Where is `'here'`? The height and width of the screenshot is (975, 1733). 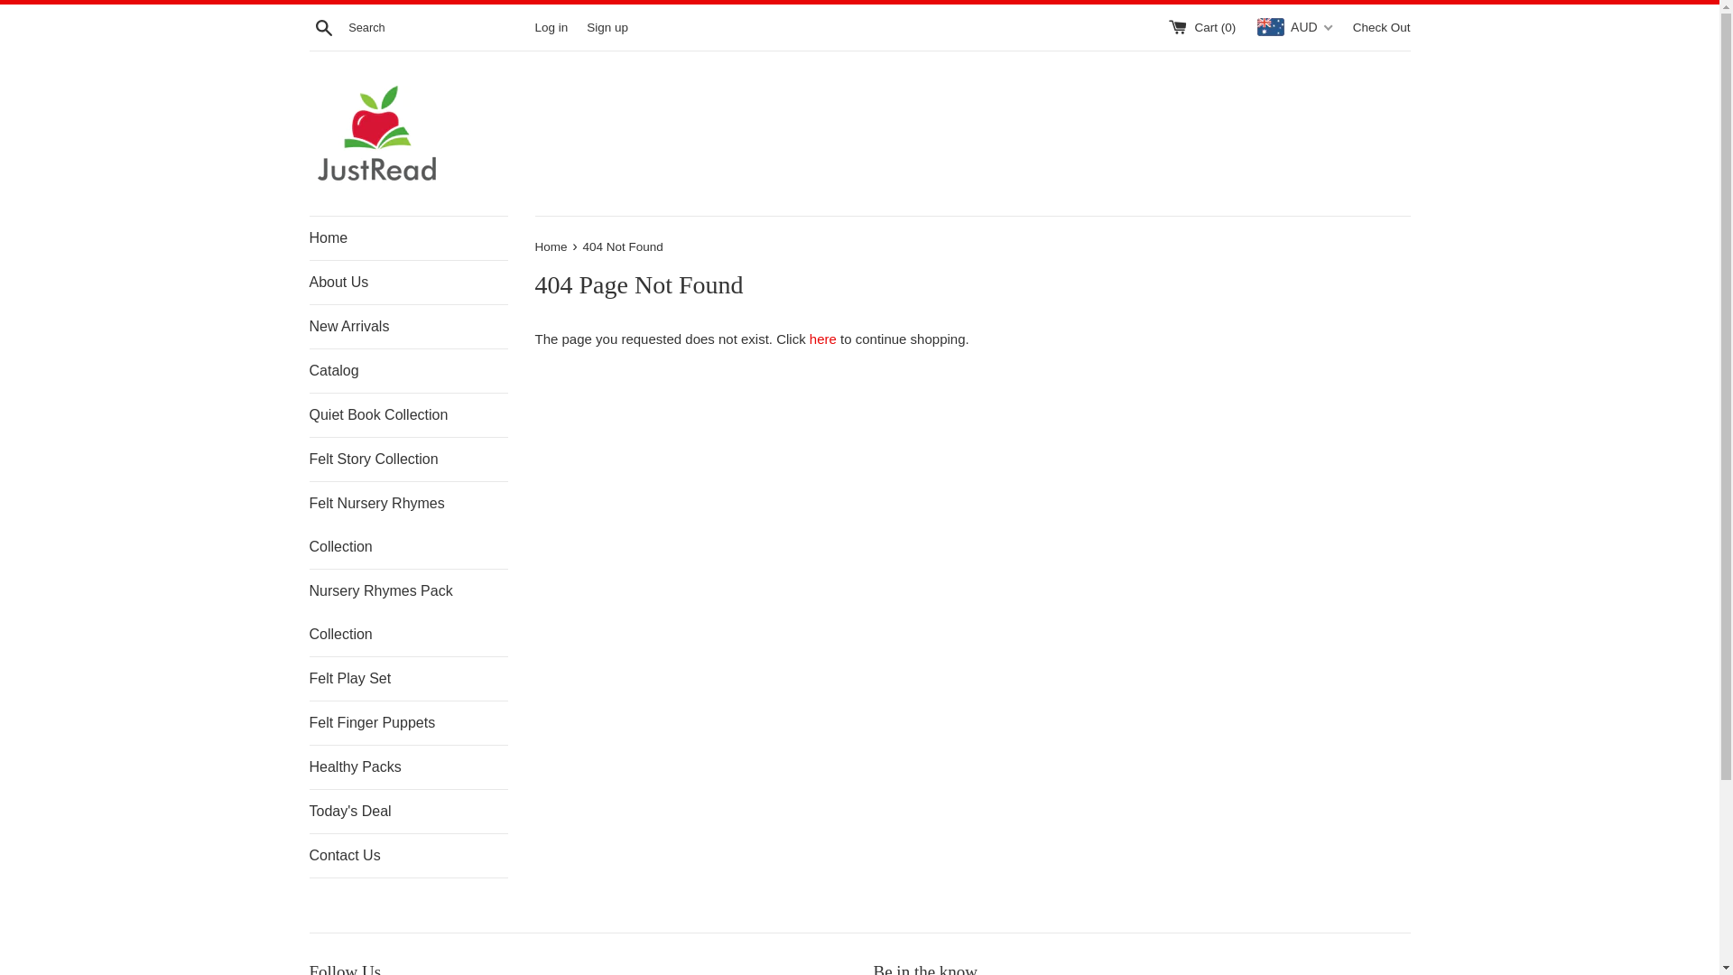
'here' is located at coordinates (822, 339).